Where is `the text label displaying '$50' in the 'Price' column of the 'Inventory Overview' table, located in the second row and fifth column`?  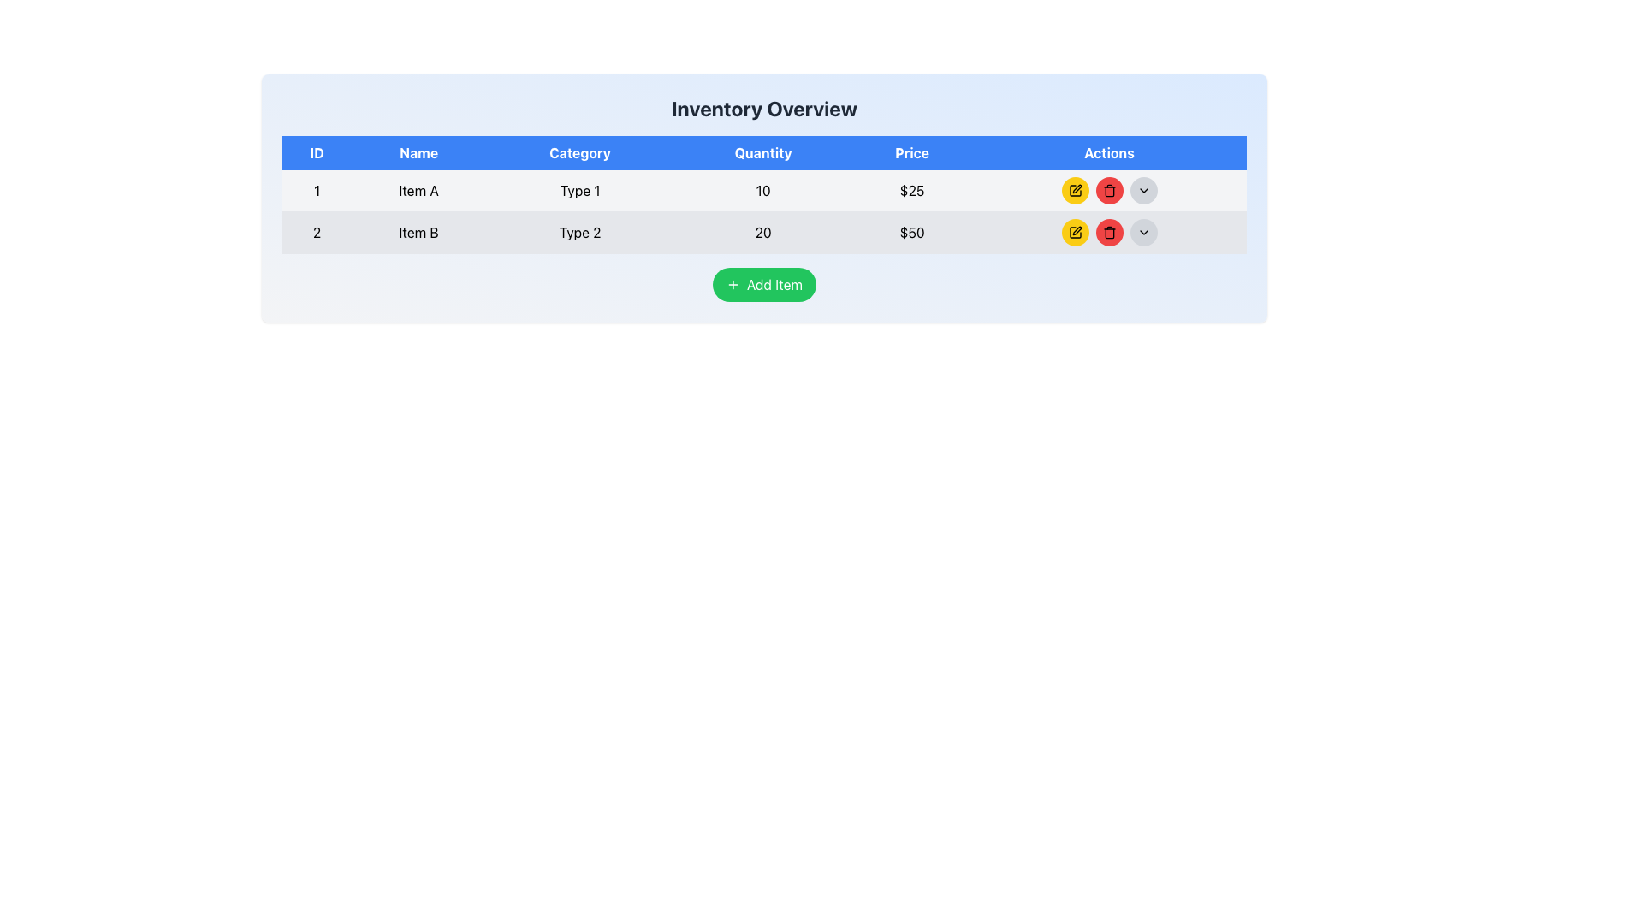
the text label displaying '$50' in the 'Price' column of the 'Inventory Overview' table, located in the second row and fifth column is located at coordinates (911, 233).